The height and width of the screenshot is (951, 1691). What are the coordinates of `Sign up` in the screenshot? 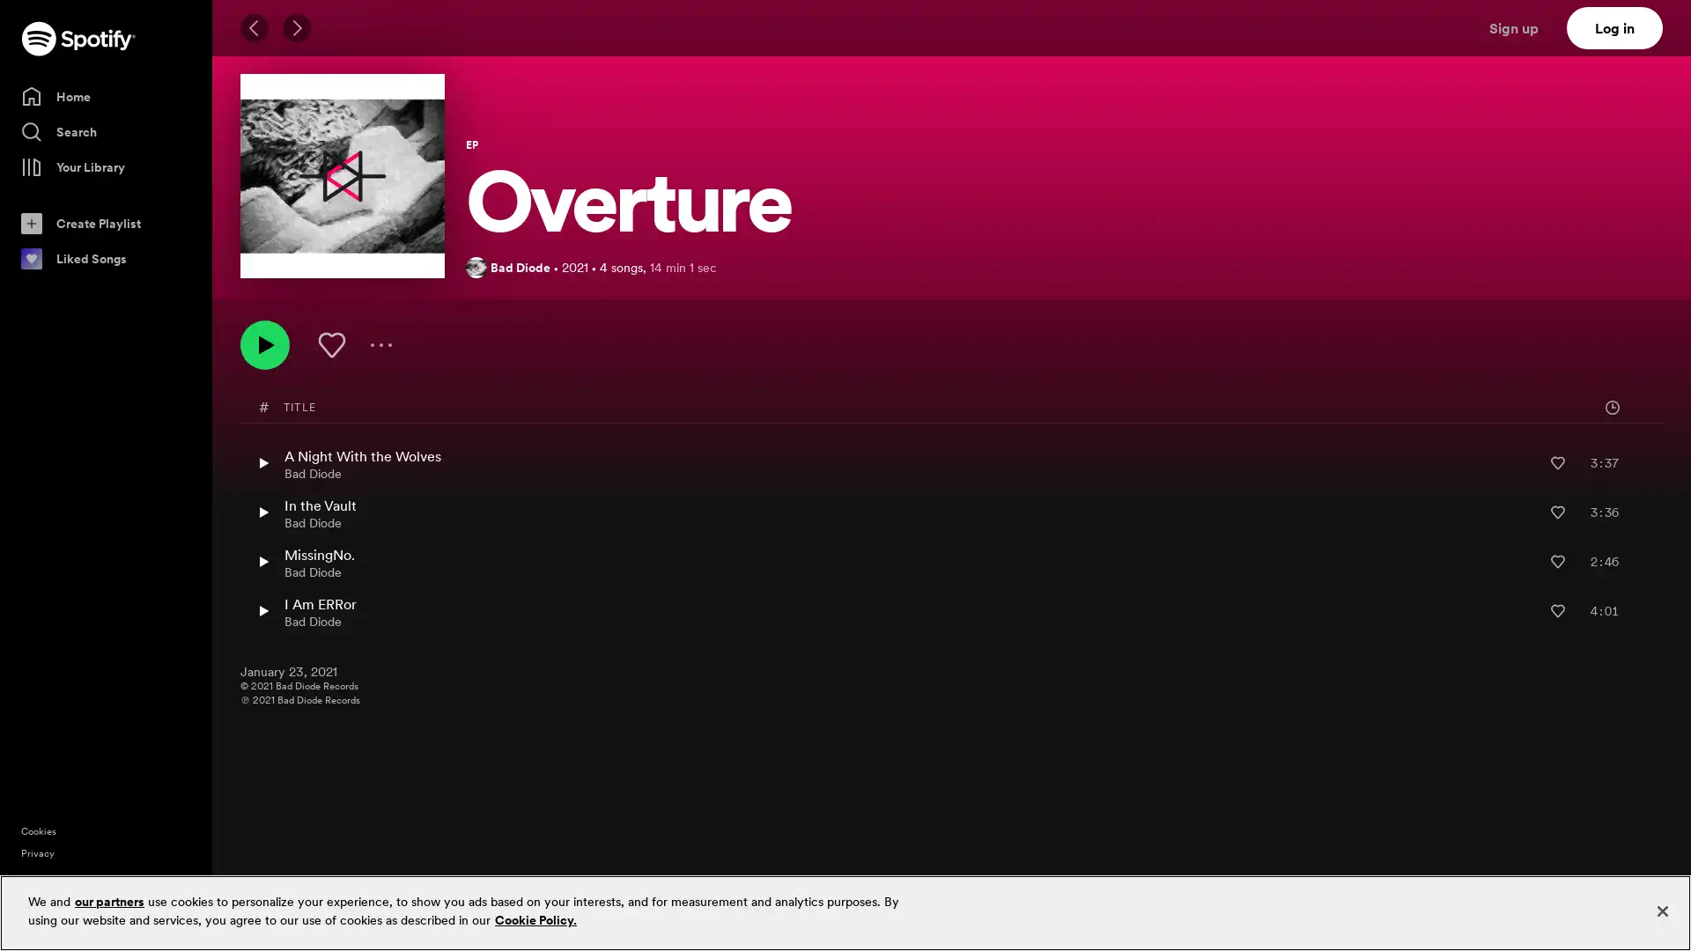 It's located at (1524, 27).